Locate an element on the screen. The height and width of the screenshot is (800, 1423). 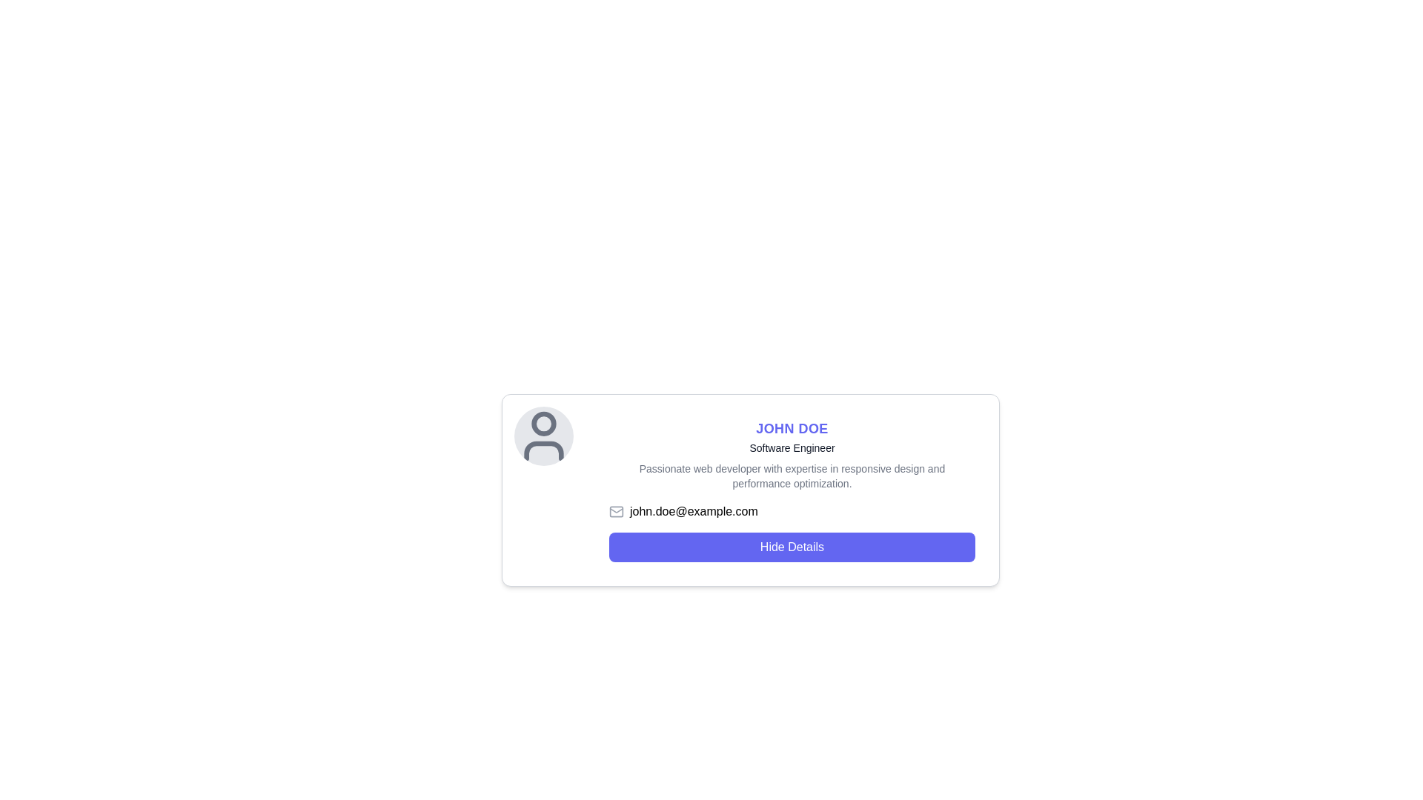
the 'Hide Details' button, which is a rectangular button with a purple background and white text, located at the bottom of the profile card is located at coordinates (792, 546).